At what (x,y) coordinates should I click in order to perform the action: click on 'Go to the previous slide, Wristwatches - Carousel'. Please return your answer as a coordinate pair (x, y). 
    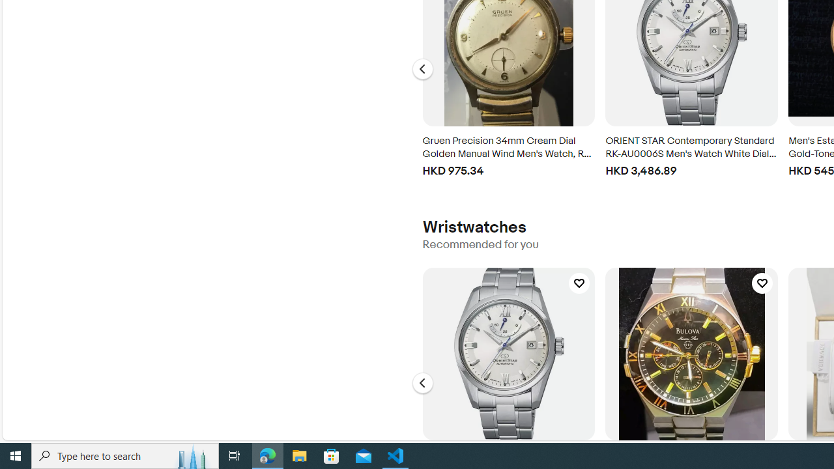
    Looking at the image, I should click on (422, 382).